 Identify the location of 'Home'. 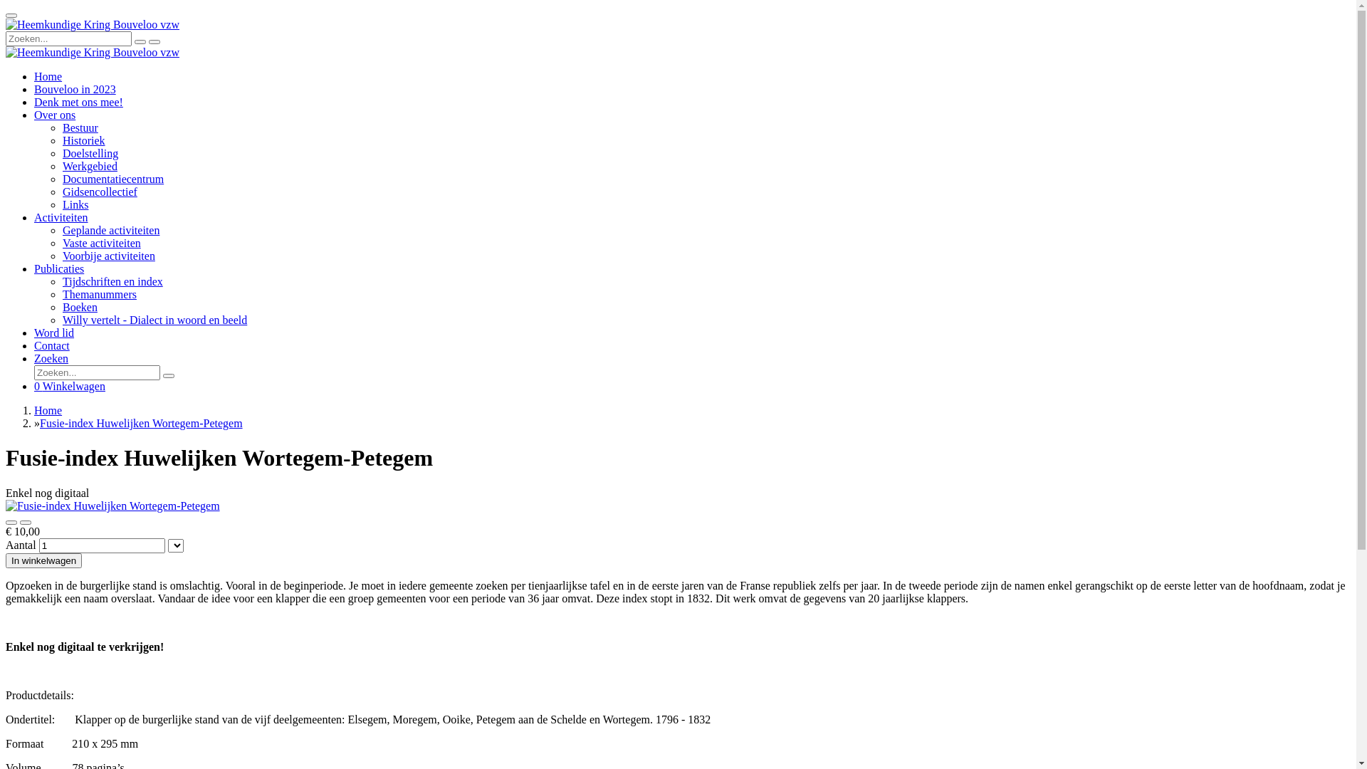
(34, 410).